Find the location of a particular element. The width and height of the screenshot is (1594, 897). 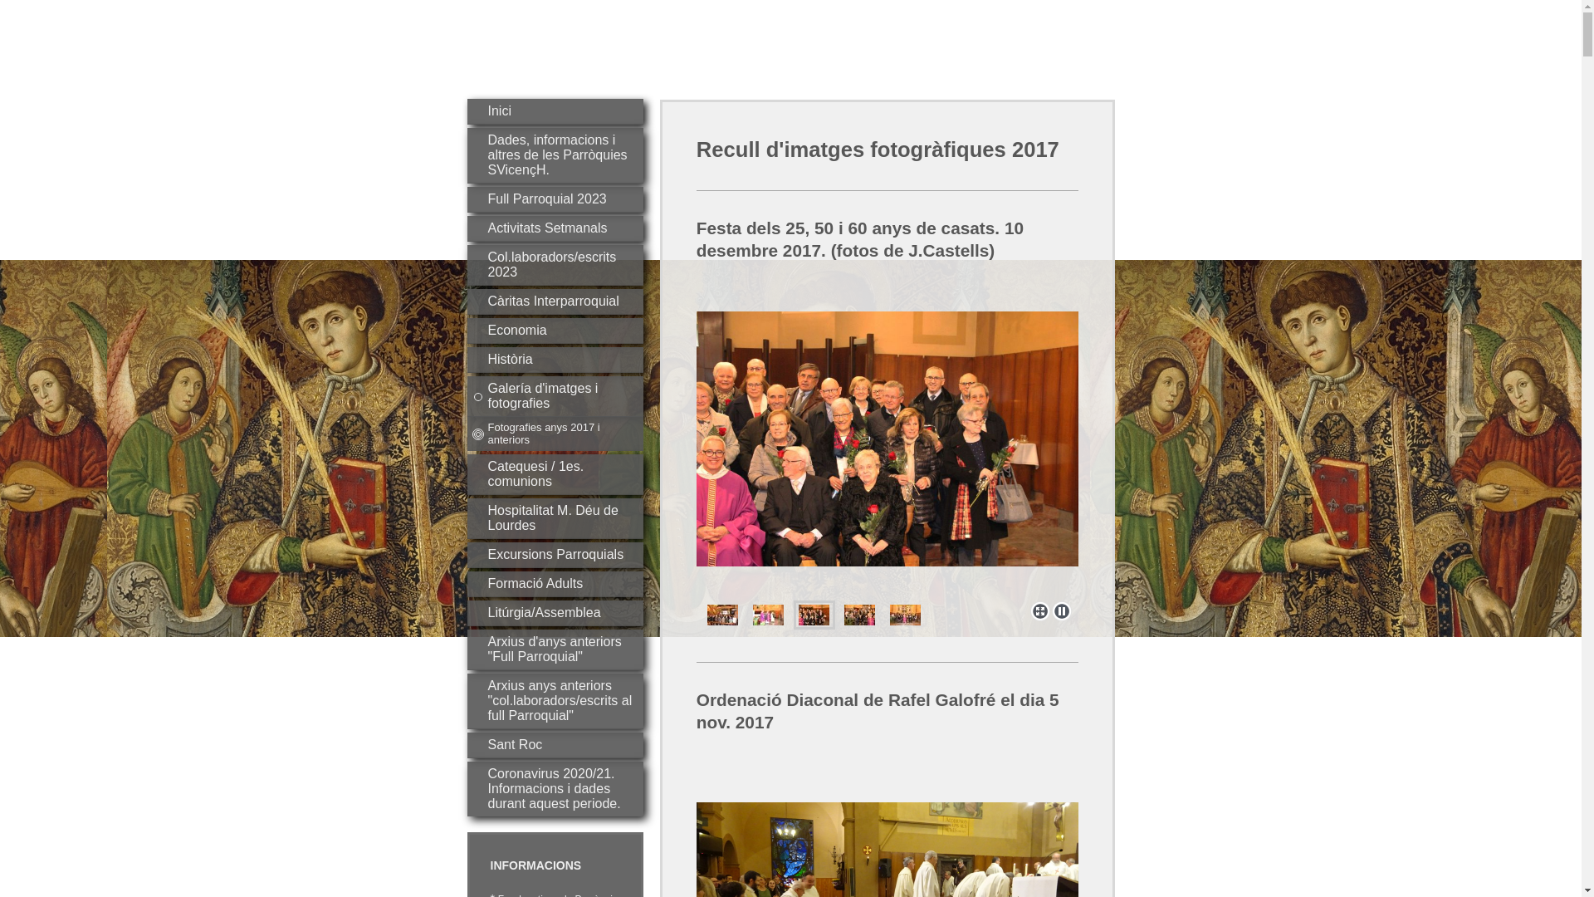

'Catequesi / 1es. comunions' is located at coordinates (554, 474).